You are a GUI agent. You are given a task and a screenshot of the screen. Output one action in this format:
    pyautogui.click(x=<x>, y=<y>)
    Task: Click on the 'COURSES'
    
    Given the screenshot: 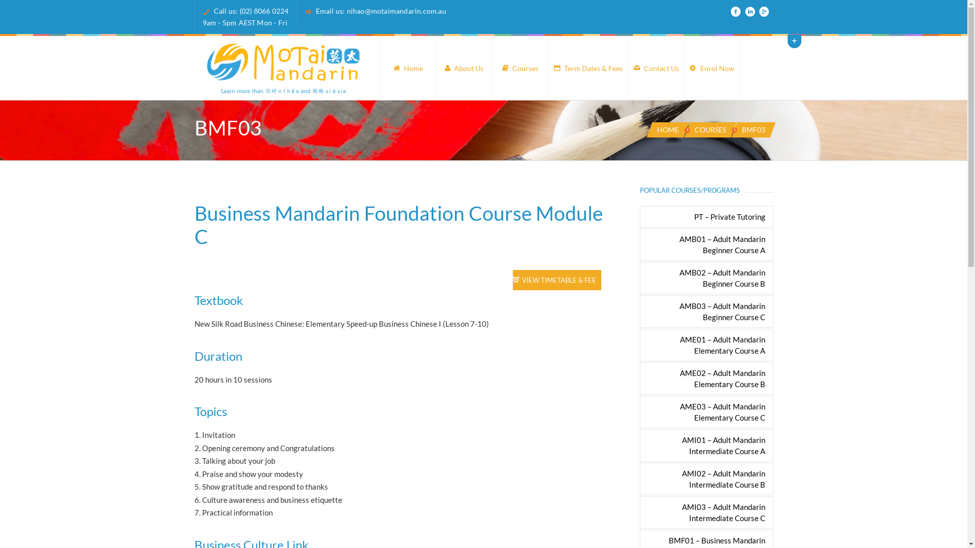 What is the action you would take?
    pyautogui.click(x=709, y=129)
    